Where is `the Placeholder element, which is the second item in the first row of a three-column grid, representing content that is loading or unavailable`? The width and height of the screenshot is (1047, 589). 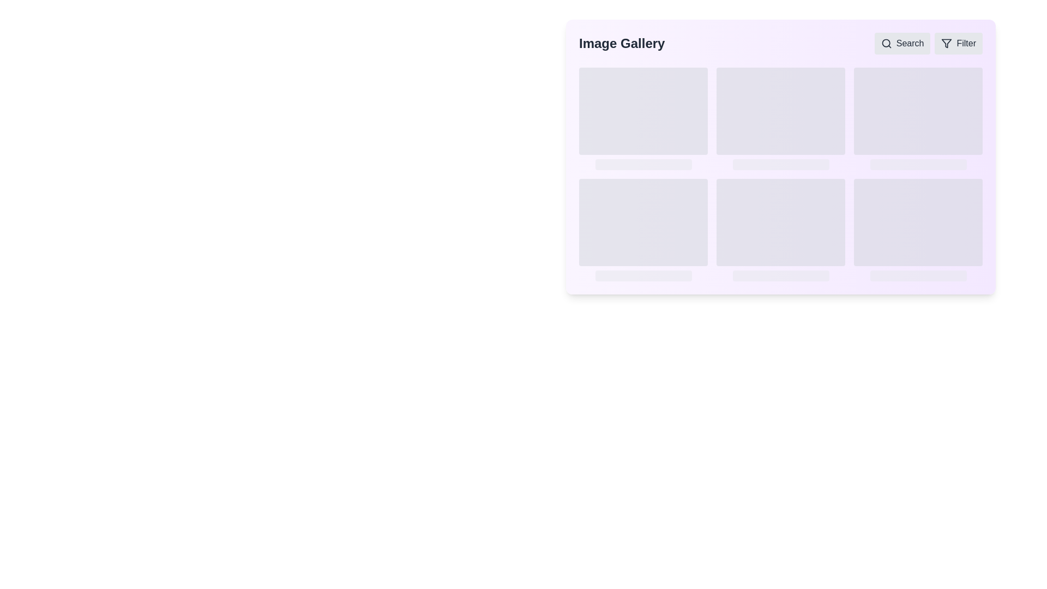 the Placeholder element, which is the second item in the first row of a three-column grid, representing content that is loading or unavailable is located at coordinates (780, 119).